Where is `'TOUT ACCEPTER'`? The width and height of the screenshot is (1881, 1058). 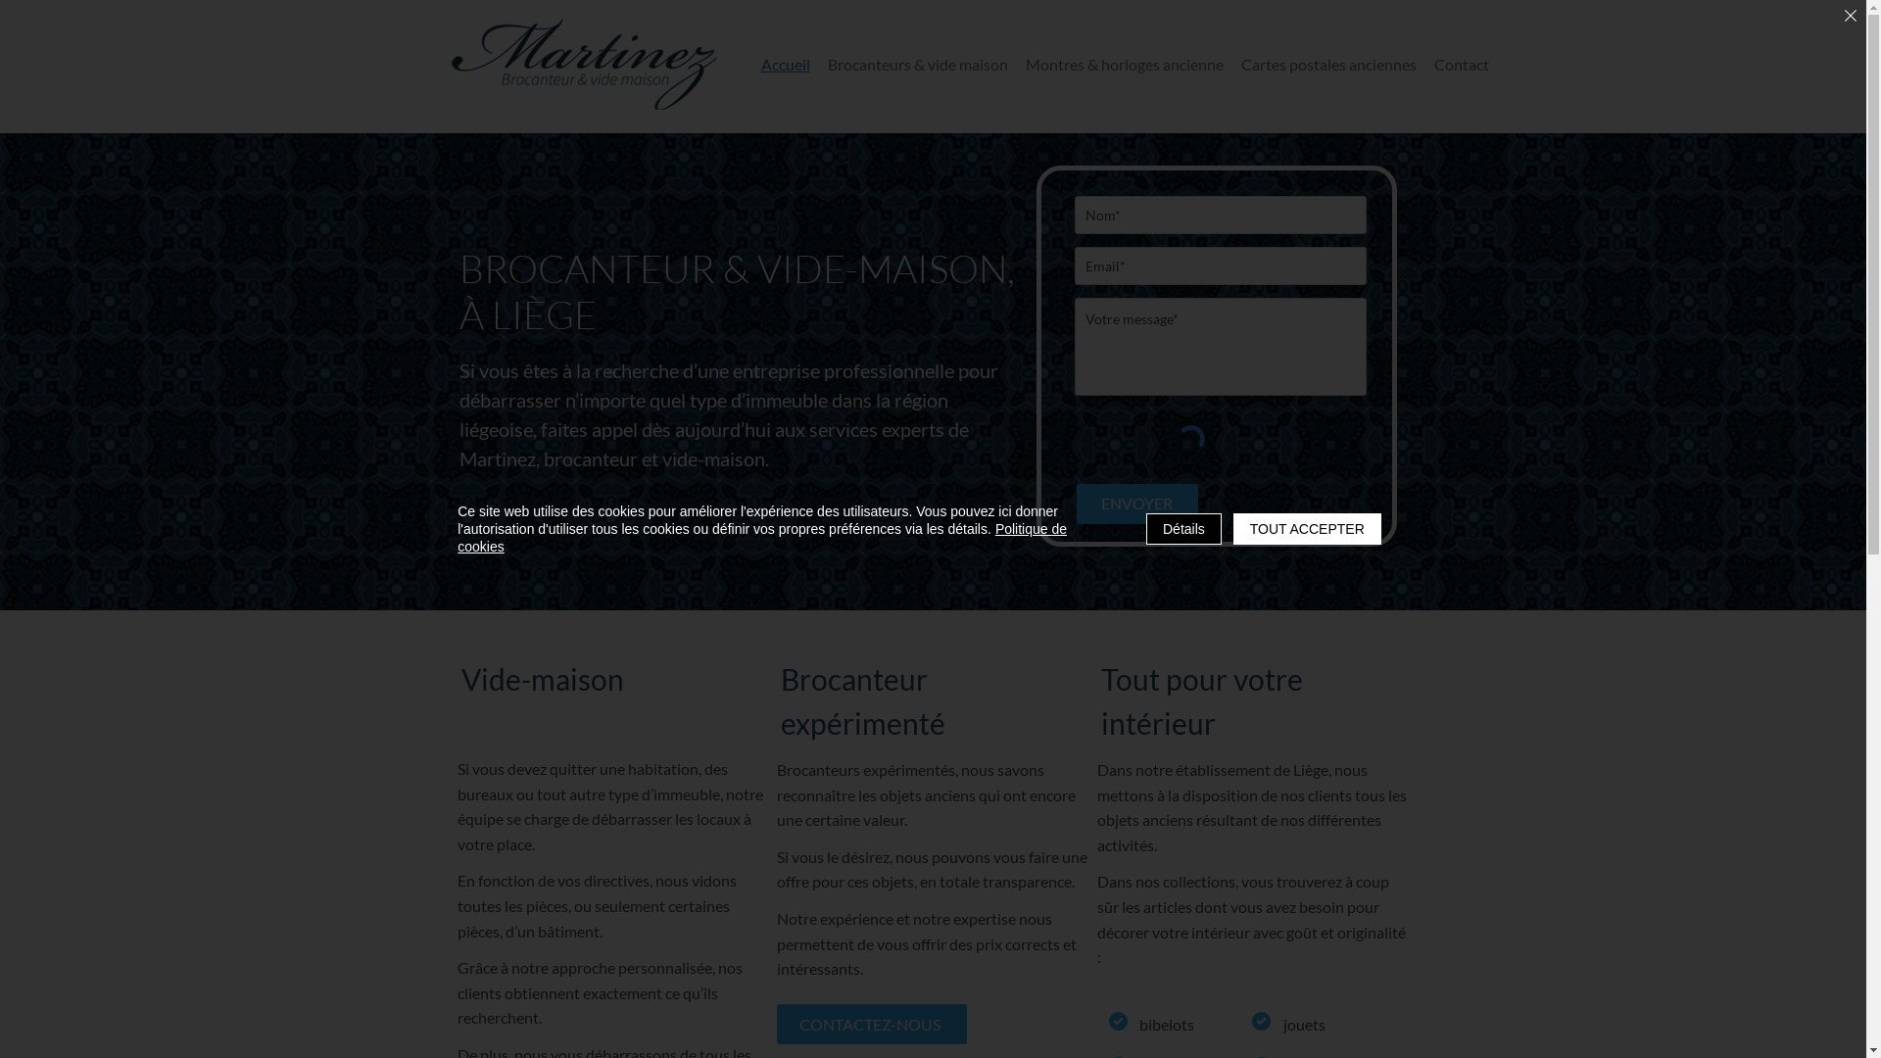 'TOUT ACCEPTER' is located at coordinates (1307, 529).